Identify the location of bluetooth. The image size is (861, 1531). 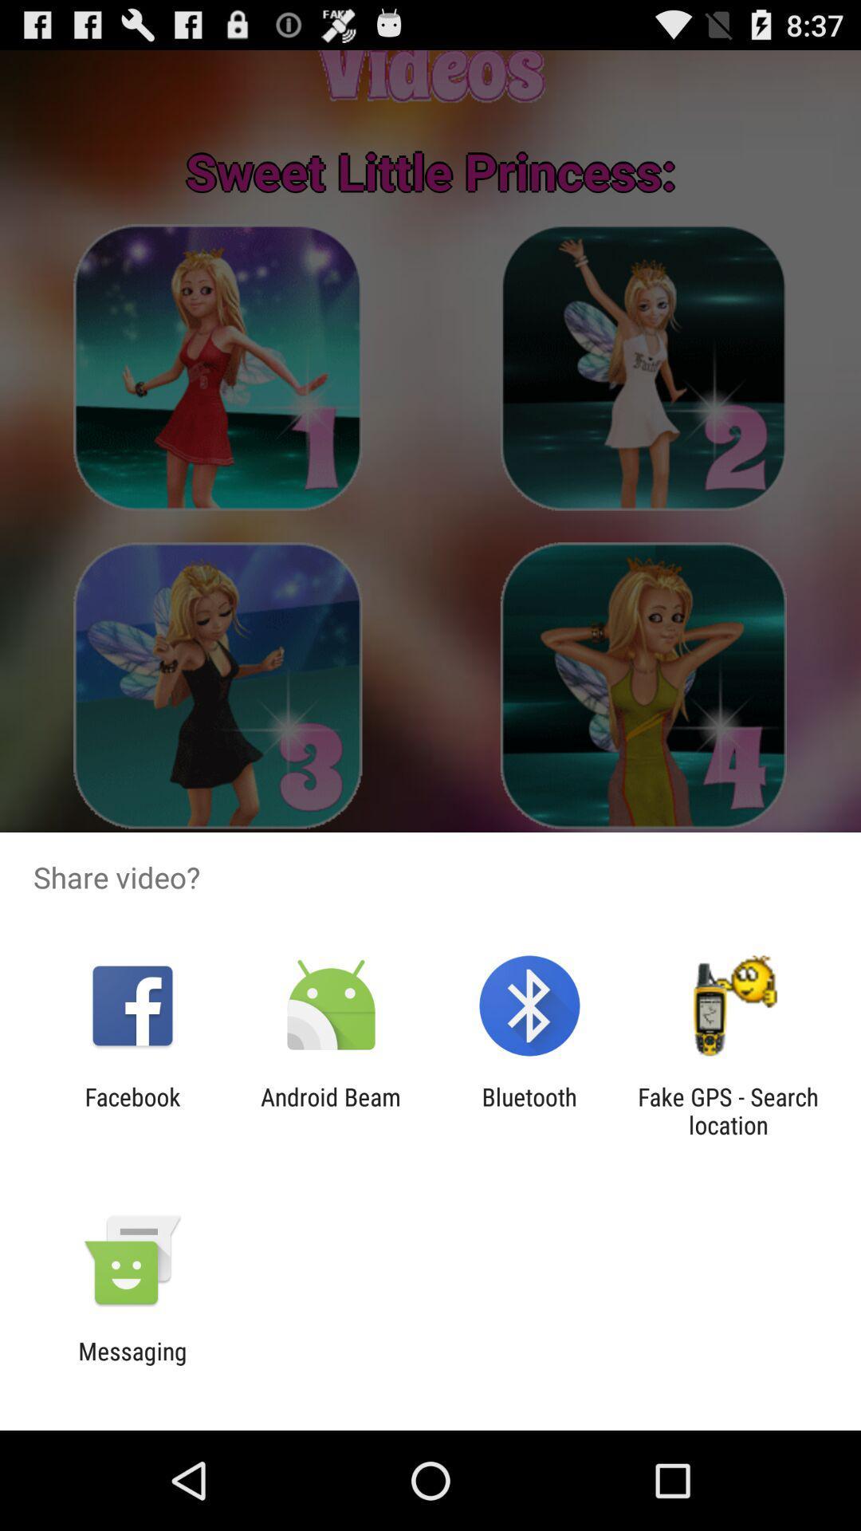
(529, 1110).